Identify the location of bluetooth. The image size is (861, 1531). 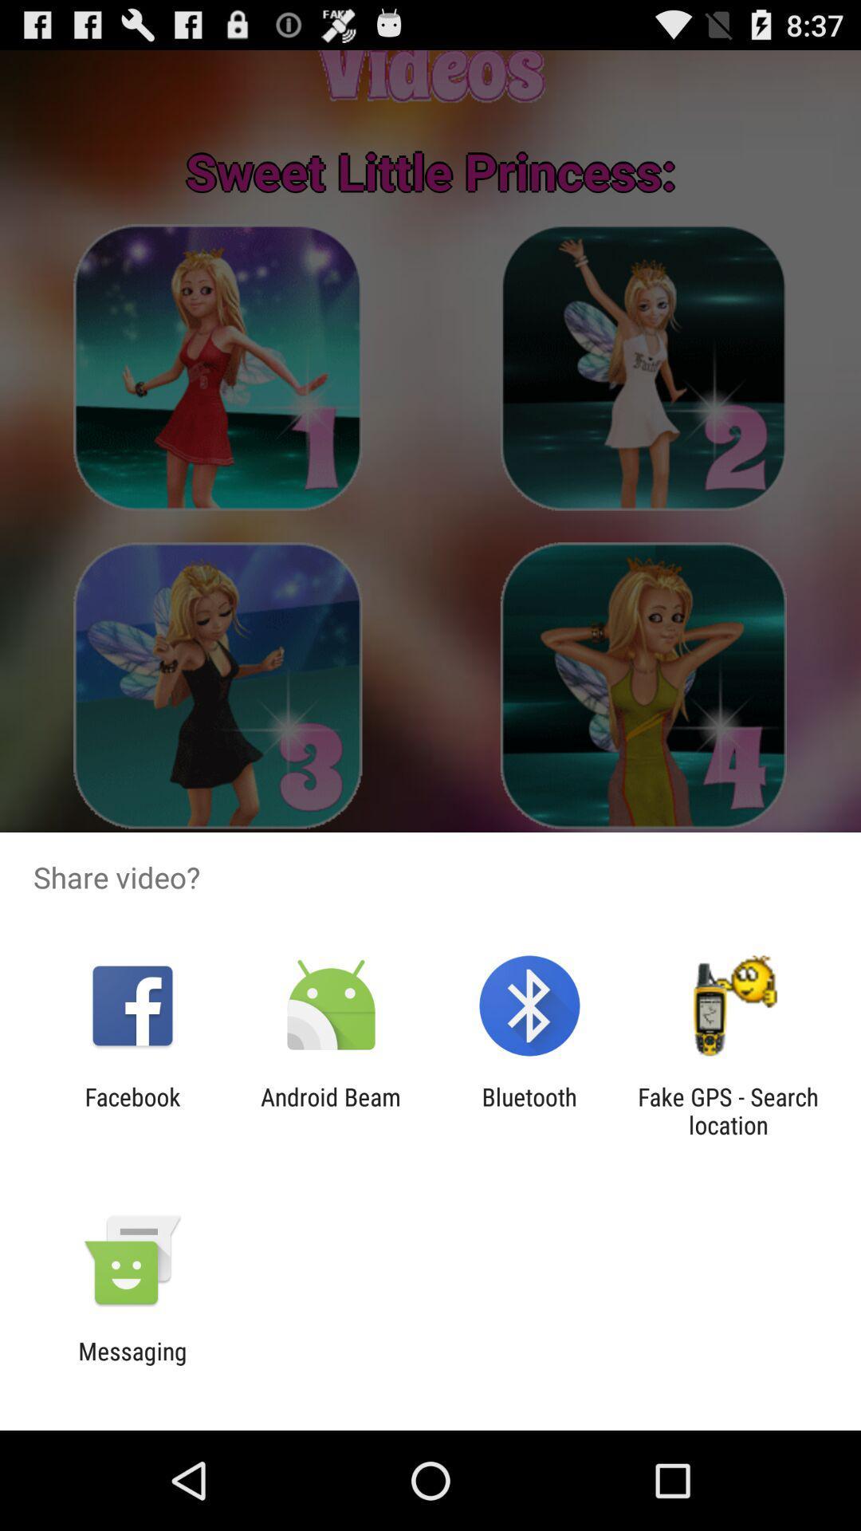
(529, 1110).